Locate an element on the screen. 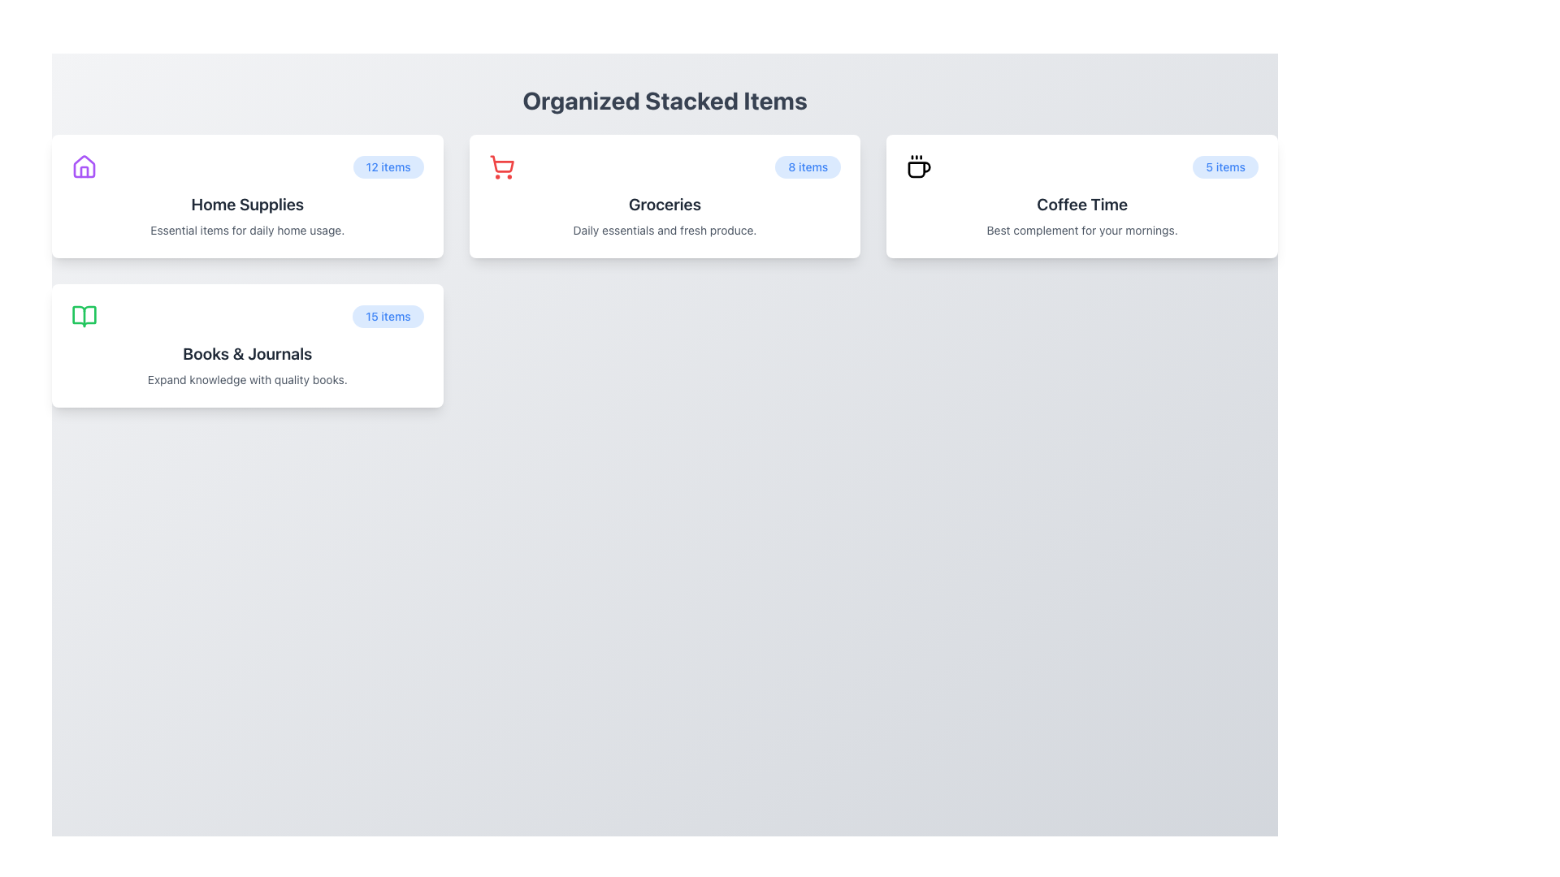 This screenshot has height=877, width=1560. the indicator badge displaying '8' items associated with the 'Groceries' card located in the upper right section of the card is located at coordinates (808, 166).